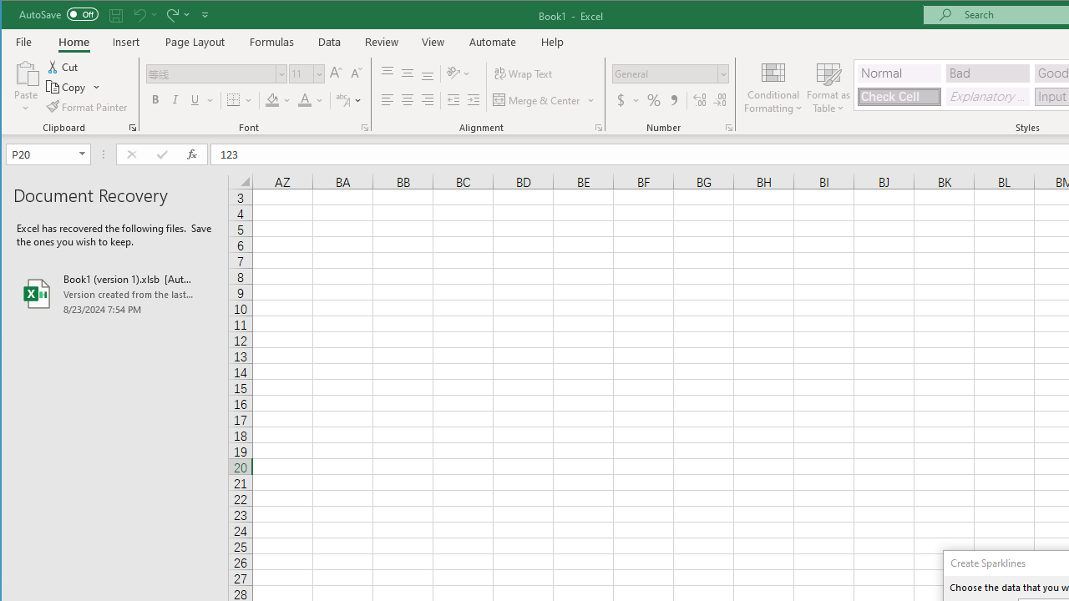 This screenshot has height=601, width=1069. Describe the element at coordinates (598, 127) in the screenshot. I see `'Format Cell Alignment'` at that location.